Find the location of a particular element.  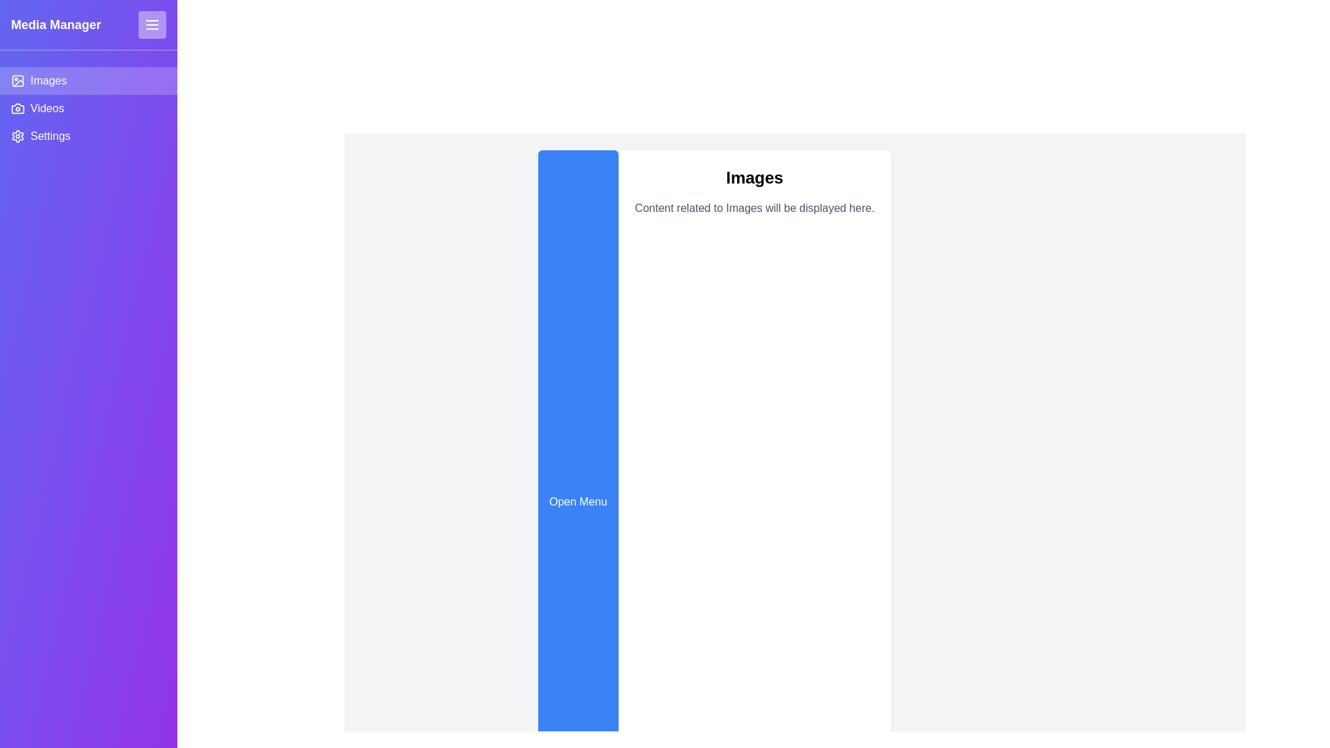

the Images tab by clicking on it is located at coordinates (88, 80).